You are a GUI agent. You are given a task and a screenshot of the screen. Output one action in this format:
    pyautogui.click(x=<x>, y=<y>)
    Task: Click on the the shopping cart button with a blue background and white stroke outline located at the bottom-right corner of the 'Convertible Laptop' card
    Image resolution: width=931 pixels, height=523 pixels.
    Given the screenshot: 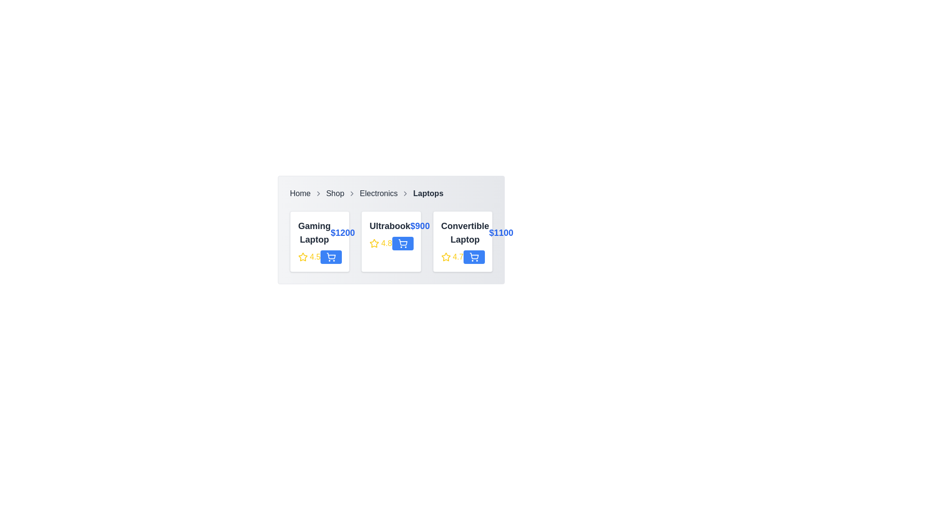 What is the action you would take?
    pyautogui.click(x=474, y=257)
    